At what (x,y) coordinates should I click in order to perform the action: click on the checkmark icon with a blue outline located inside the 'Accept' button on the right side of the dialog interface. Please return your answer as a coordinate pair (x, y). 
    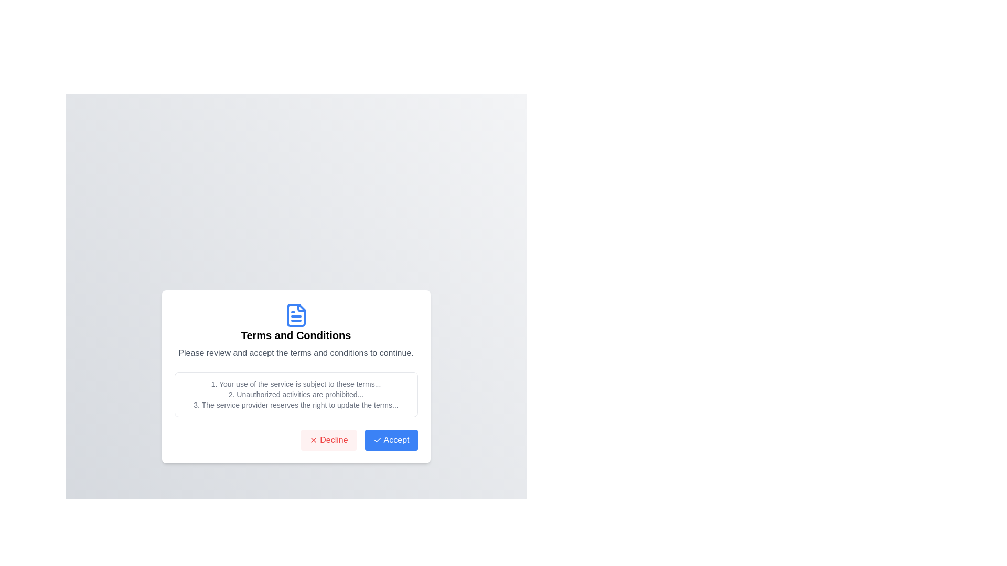
    Looking at the image, I should click on (377, 440).